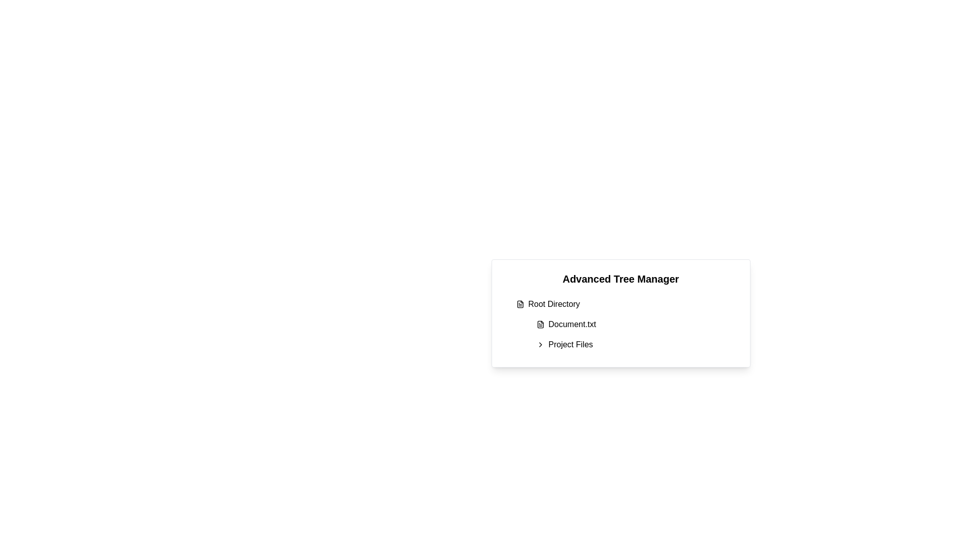 This screenshot has width=971, height=546. What do you see at coordinates (540, 324) in the screenshot?
I see `the SVG Icon representing a document or text file, which is located next to the text label 'Document.txt'` at bounding box center [540, 324].